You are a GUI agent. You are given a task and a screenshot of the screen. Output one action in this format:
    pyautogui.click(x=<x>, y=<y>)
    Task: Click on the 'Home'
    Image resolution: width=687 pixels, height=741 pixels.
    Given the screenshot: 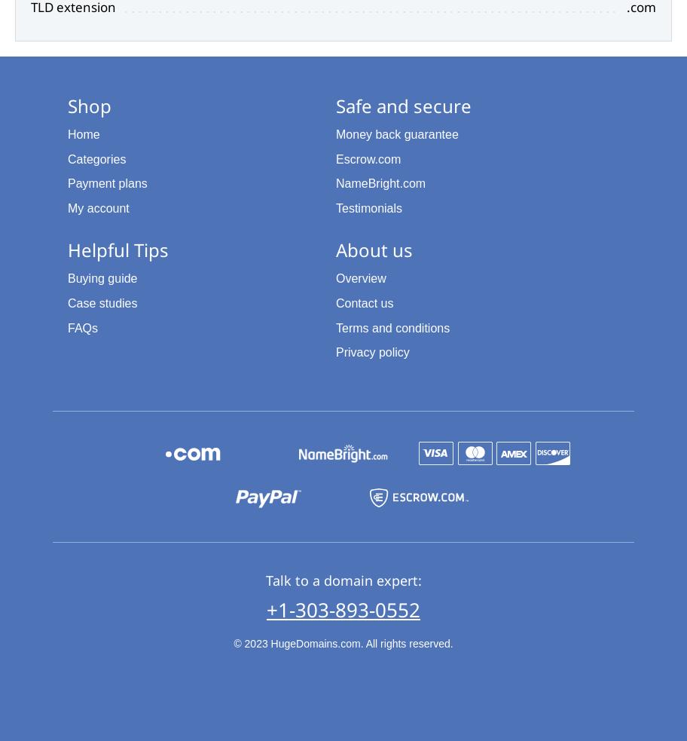 What is the action you would take?
    pyautogui.click(x=83, y=133)
    